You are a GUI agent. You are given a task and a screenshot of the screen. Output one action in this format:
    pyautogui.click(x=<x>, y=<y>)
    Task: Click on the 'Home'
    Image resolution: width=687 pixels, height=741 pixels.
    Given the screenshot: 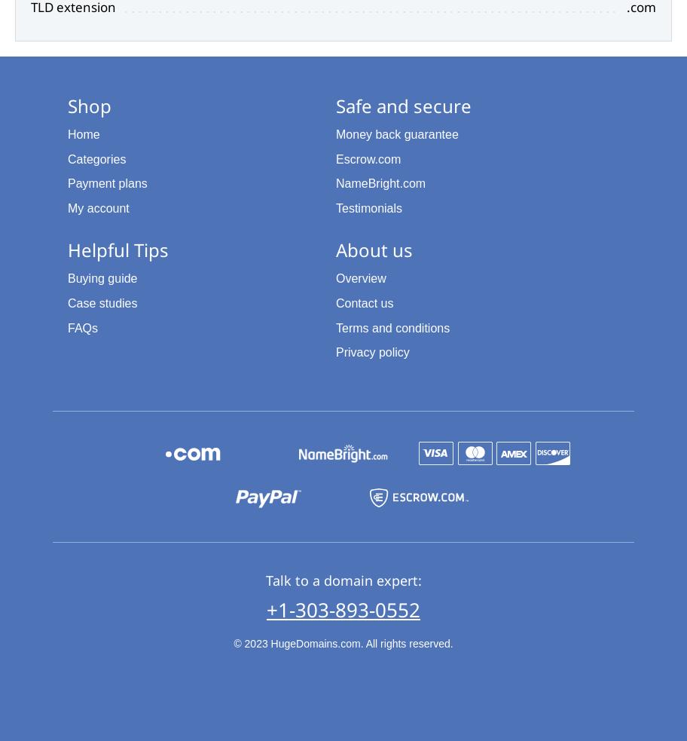 What is the action you would take?
    pyautogui.click(x=83, y=133)
    